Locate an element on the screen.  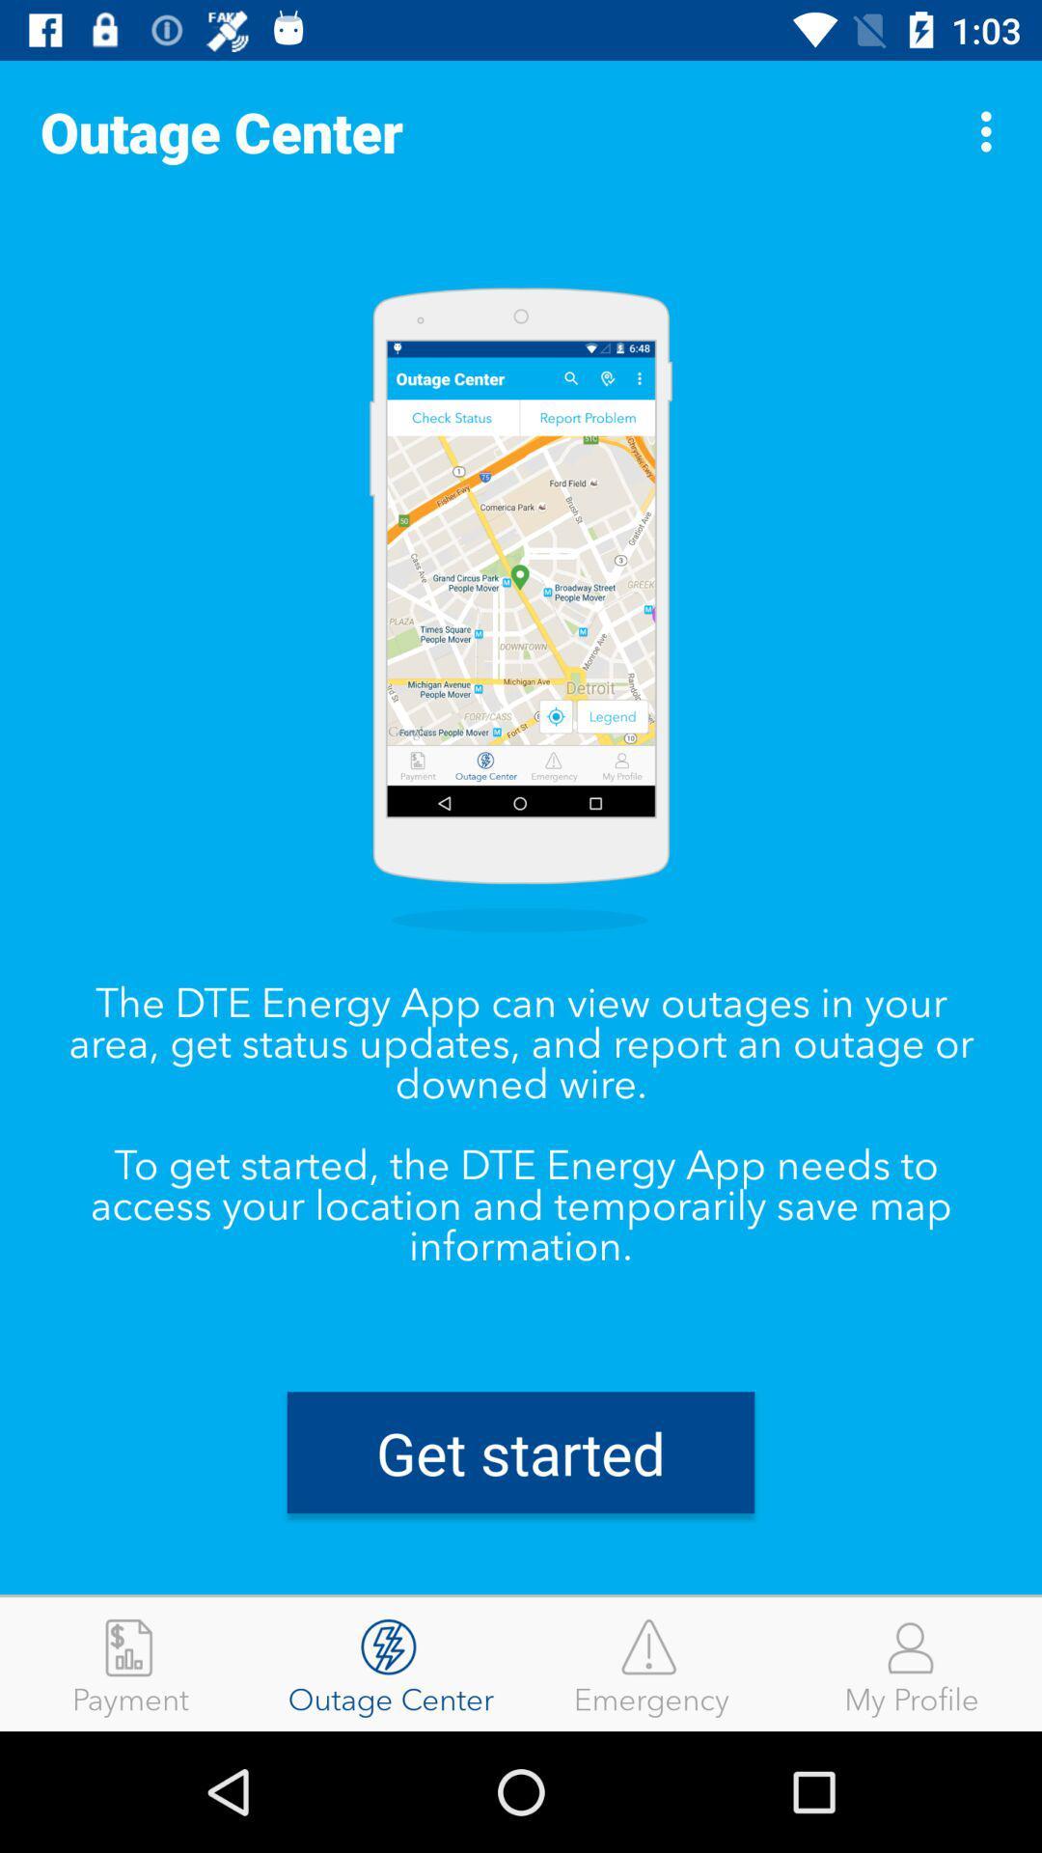
the my profile is located at coordinates (912, 1663).